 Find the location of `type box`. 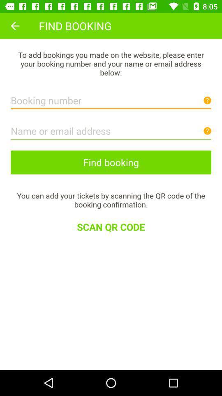

type box is located at coordinates (111, 98).